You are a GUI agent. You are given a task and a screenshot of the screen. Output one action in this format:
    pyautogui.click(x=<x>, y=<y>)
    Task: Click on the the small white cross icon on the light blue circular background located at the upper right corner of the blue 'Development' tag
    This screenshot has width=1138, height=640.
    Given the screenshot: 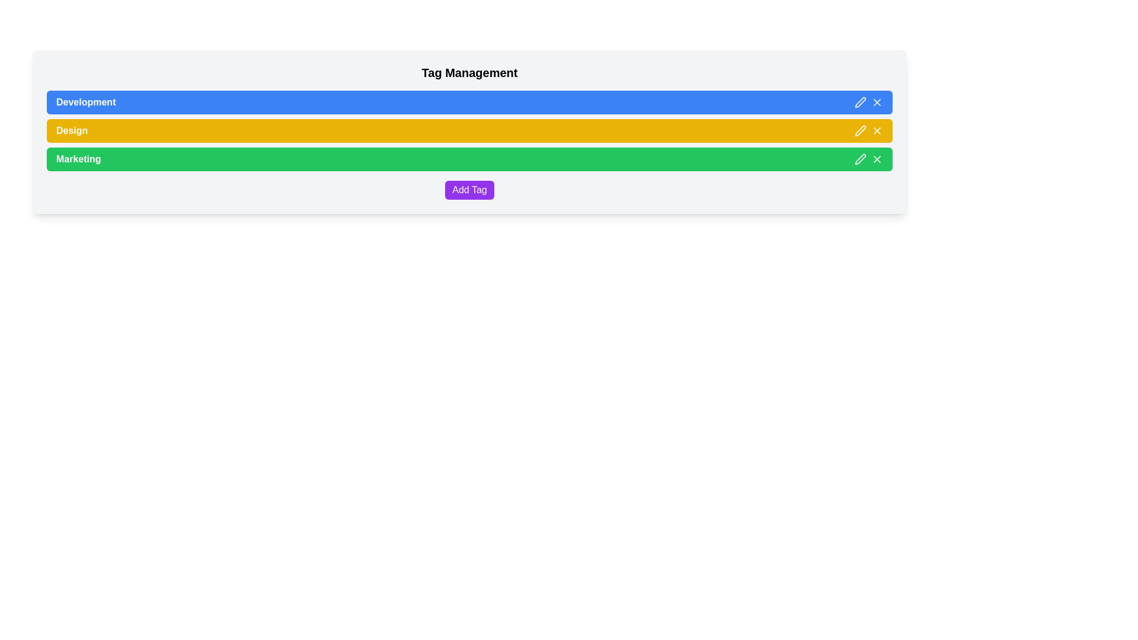 What is the action you would take?
    pyautogui.click(x=877, y=102)
    